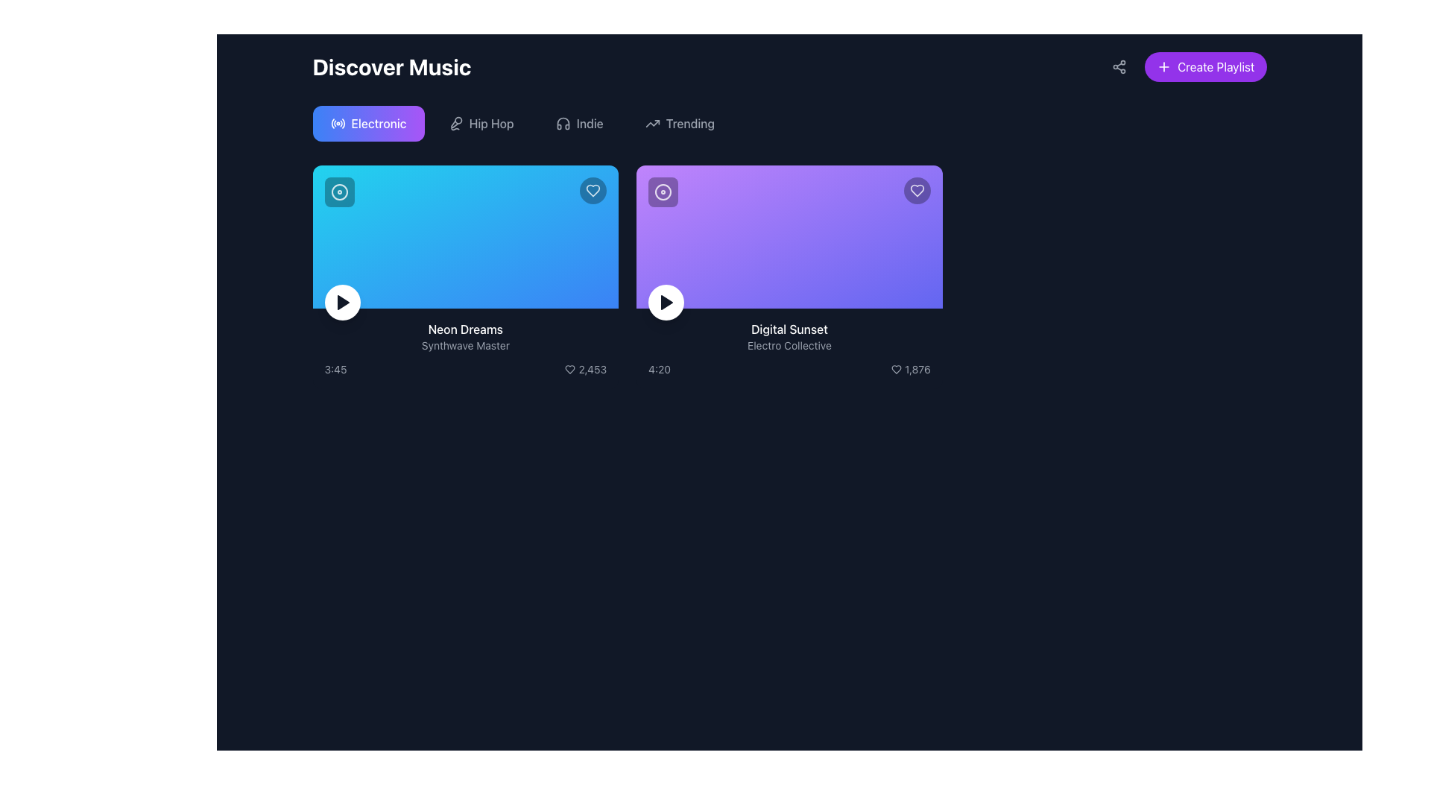 The width and height of the screenshot is (1431, 805). What do you see at coordinates (368, 122) in the screenshot?
I see `the 'Electronic' category selector button in the 'Discover Music' section` at bounding box center [368, 122].